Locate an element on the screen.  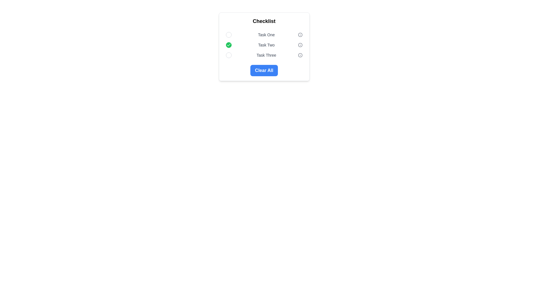
the checkbox that represents the completion of 'Task Two', located to the left of the text 'Task Two' is located at coordinates (229, 44).